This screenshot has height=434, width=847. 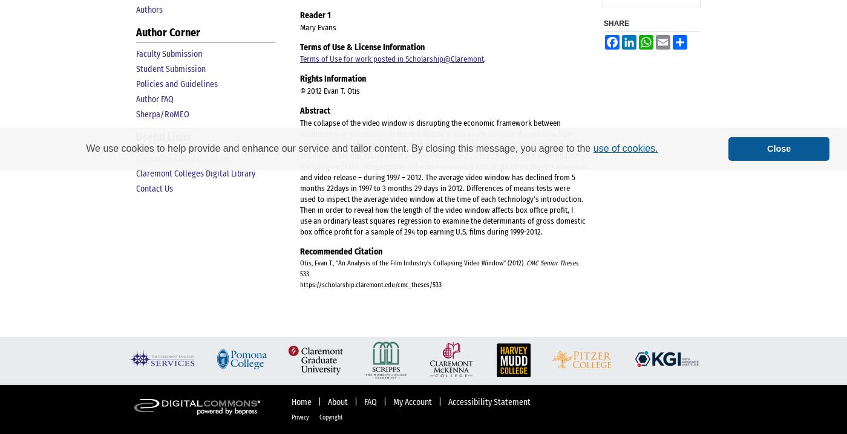 What do you see at coordinates (330, 416) in the screenshot?
I see `'Copyright'` at bounding box center [330, 416].